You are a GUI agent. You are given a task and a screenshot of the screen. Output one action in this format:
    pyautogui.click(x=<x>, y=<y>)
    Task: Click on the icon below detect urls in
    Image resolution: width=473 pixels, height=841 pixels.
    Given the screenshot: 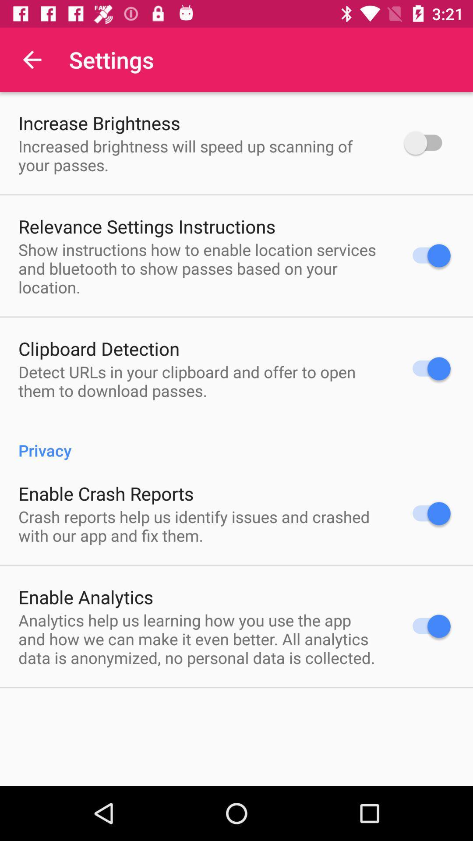 What is the action you would take?
    pyautogui.click(x=236, y=441)
    